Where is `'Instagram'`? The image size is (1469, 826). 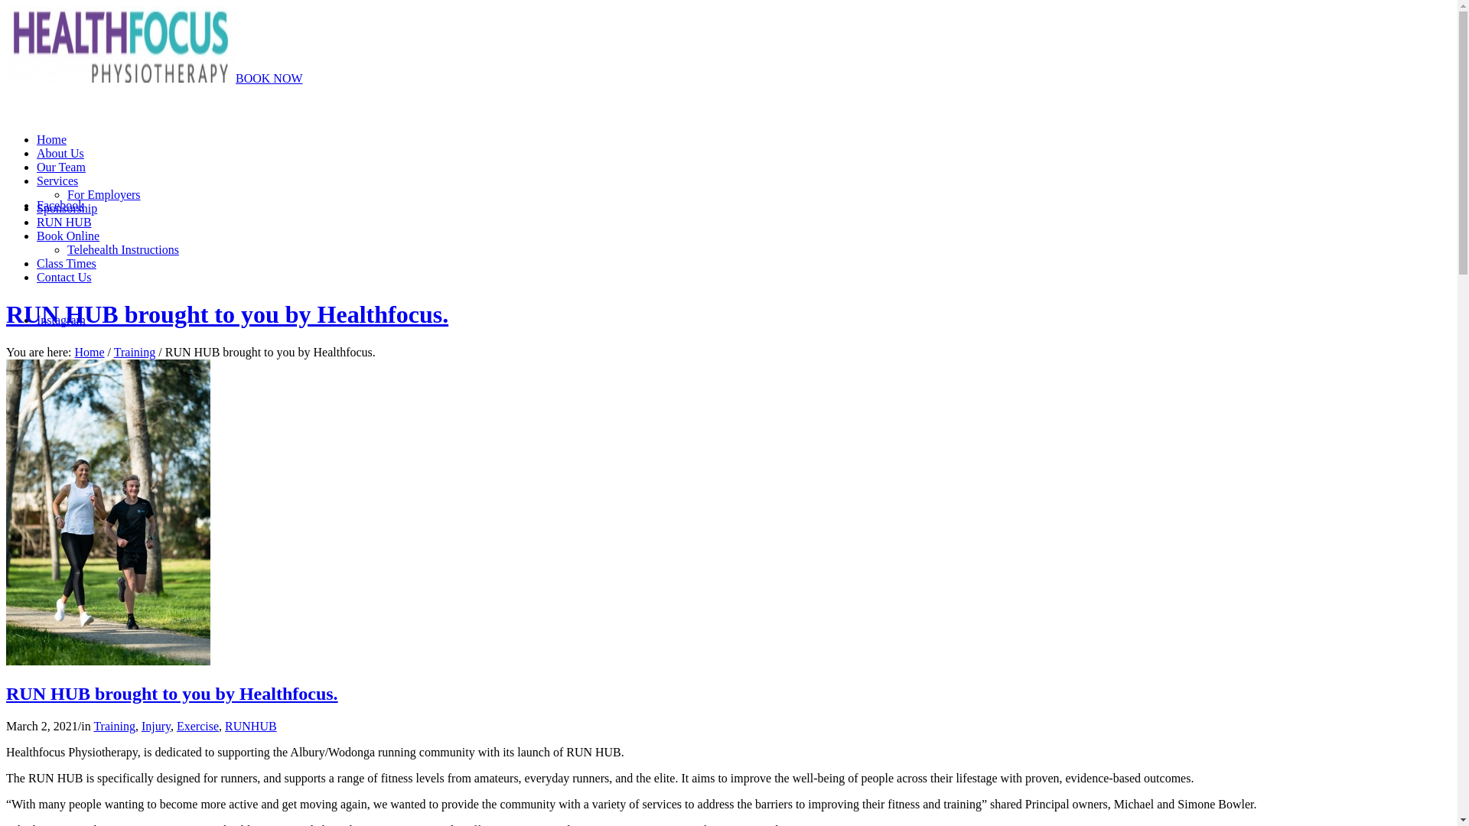 'Instagram' is located at coordinates (61, 319).